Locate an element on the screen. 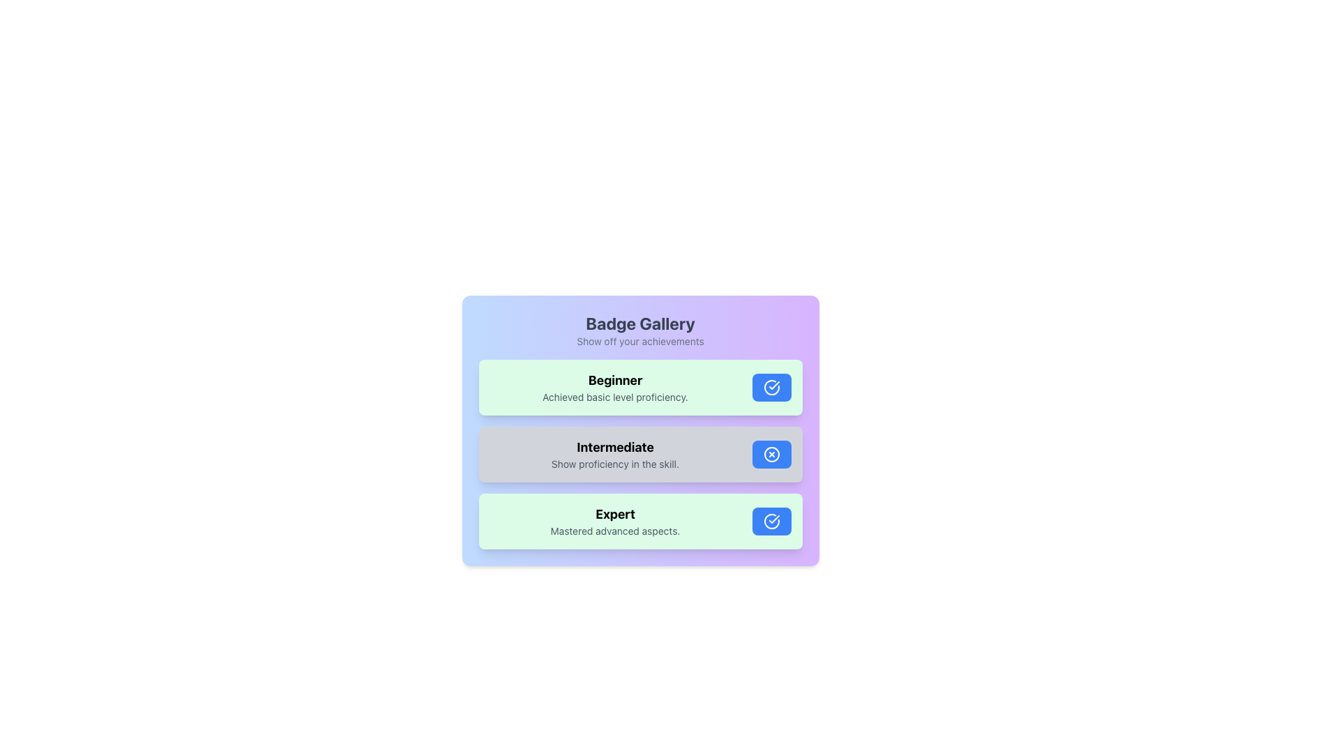  the button located on the far right of the 'Beginner' section in the 'Badge Gallery' to interact with it is located at coordinates (771, 387).